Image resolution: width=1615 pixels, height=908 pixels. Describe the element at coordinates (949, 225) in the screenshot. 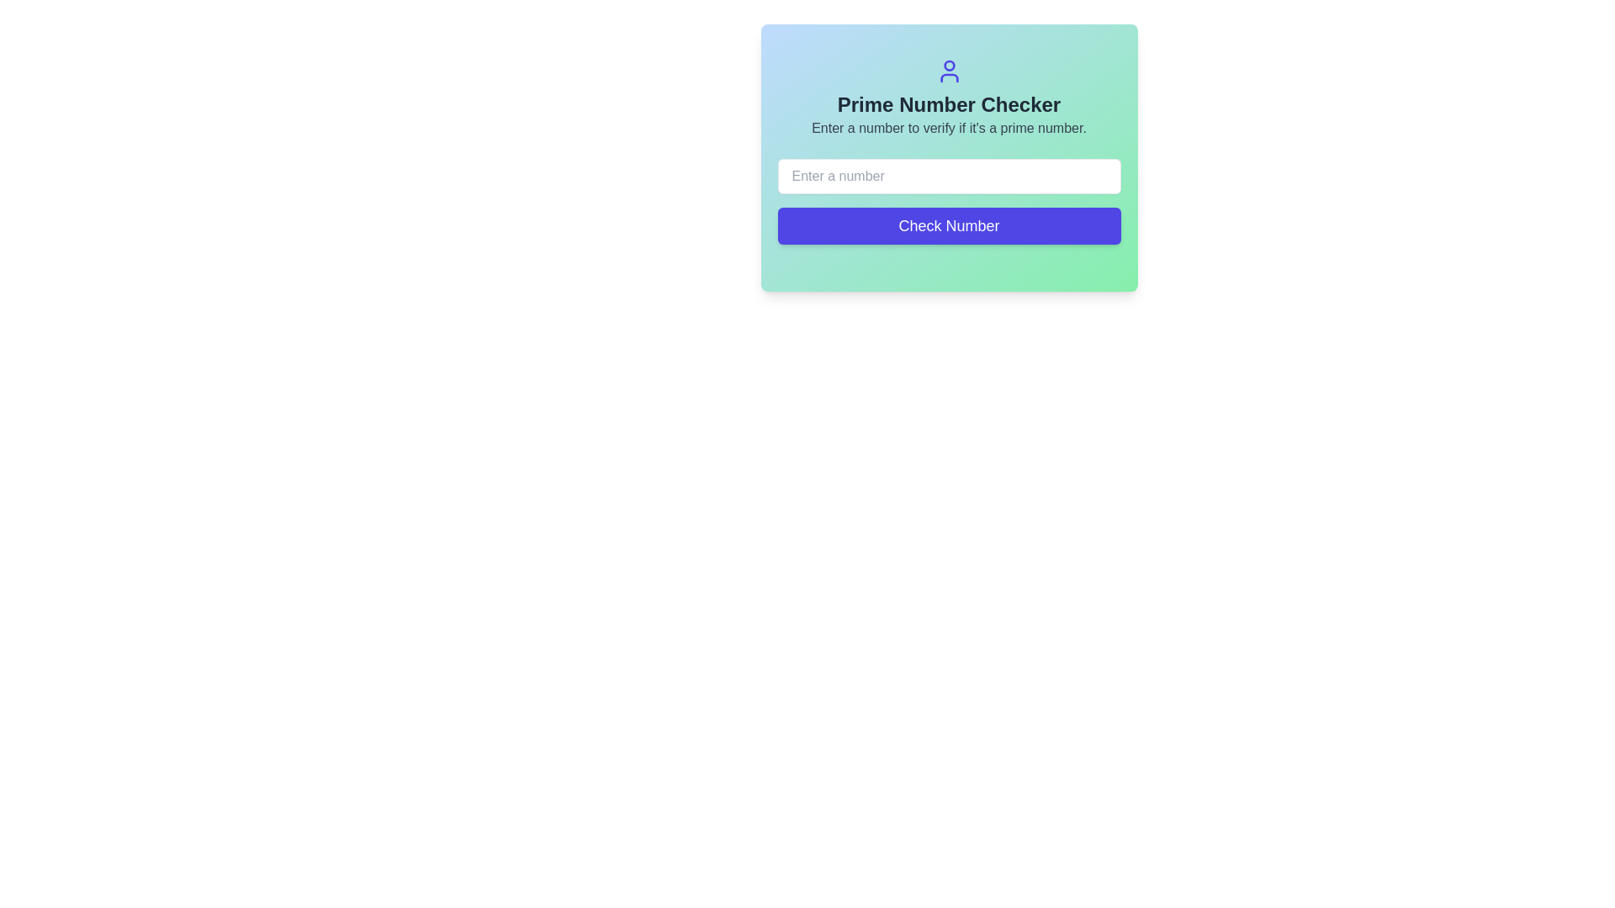

I see `the rectangular button with a purple background and white text that says 'Check Number' to change its background color` at that location.